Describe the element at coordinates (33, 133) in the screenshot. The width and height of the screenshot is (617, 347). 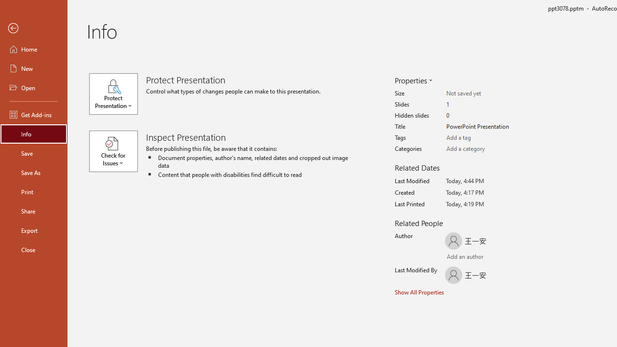
I see `'Info'` at that location.